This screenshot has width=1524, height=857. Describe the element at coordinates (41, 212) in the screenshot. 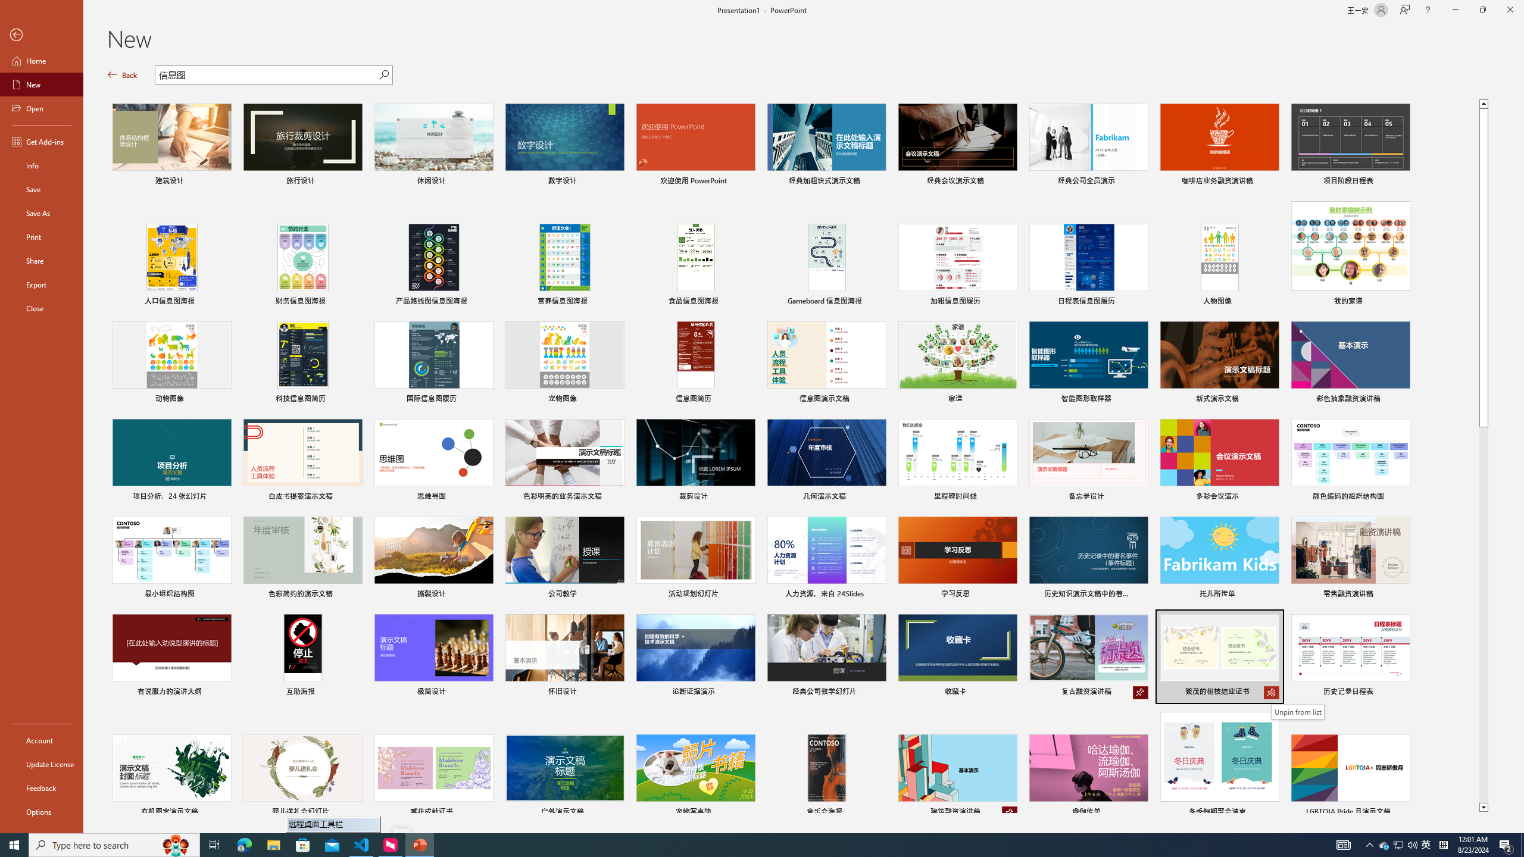

I see `'Save As'` at that location.